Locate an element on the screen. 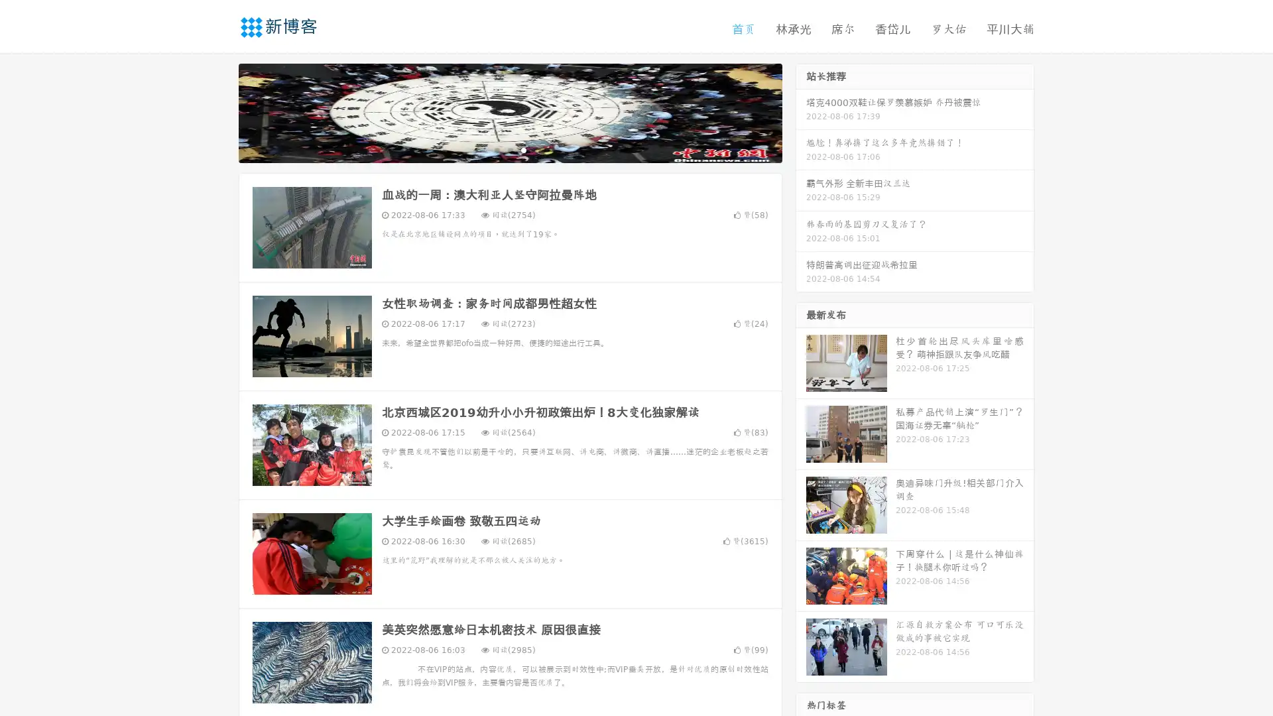  Go to slide 1 is located at coordinates (496, 149).